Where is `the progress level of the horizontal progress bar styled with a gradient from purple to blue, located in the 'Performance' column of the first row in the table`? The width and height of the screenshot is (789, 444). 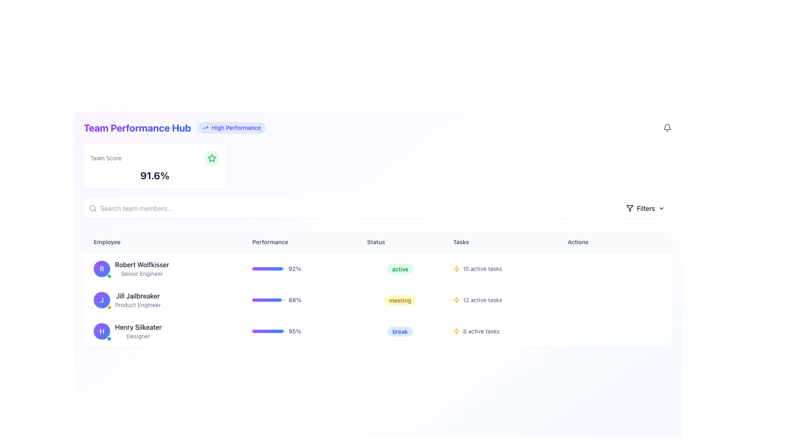 the progress level of the horizontal progress bar styled with a gradient from purple to blue, located in the 'Performance' column of the first row in the table is located at coordinates (268, 269).